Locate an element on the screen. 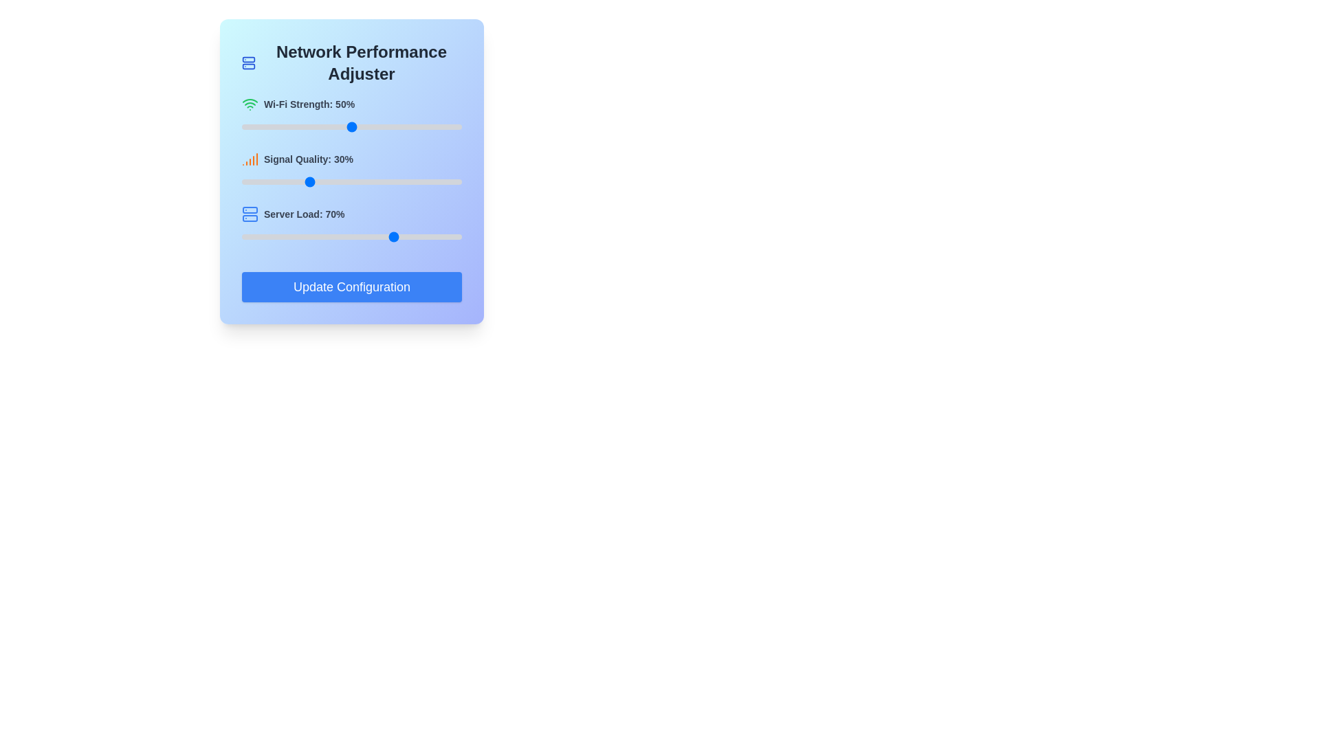 This screenshot has width=1320, height=742. the server status icon located at the beginning of the text 'Server Load: 70%' is located at coordinates (250, 214).